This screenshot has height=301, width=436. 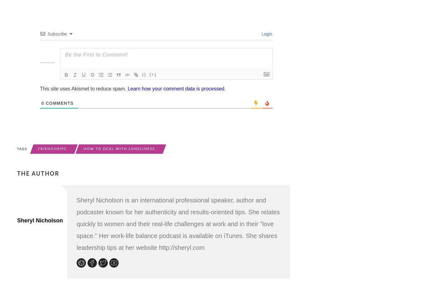 What do you see at coordinates (83, 88) in the screenshot?
I see `'This site uses Akismet to reduce spam.'` at bounding box center [83, 88].